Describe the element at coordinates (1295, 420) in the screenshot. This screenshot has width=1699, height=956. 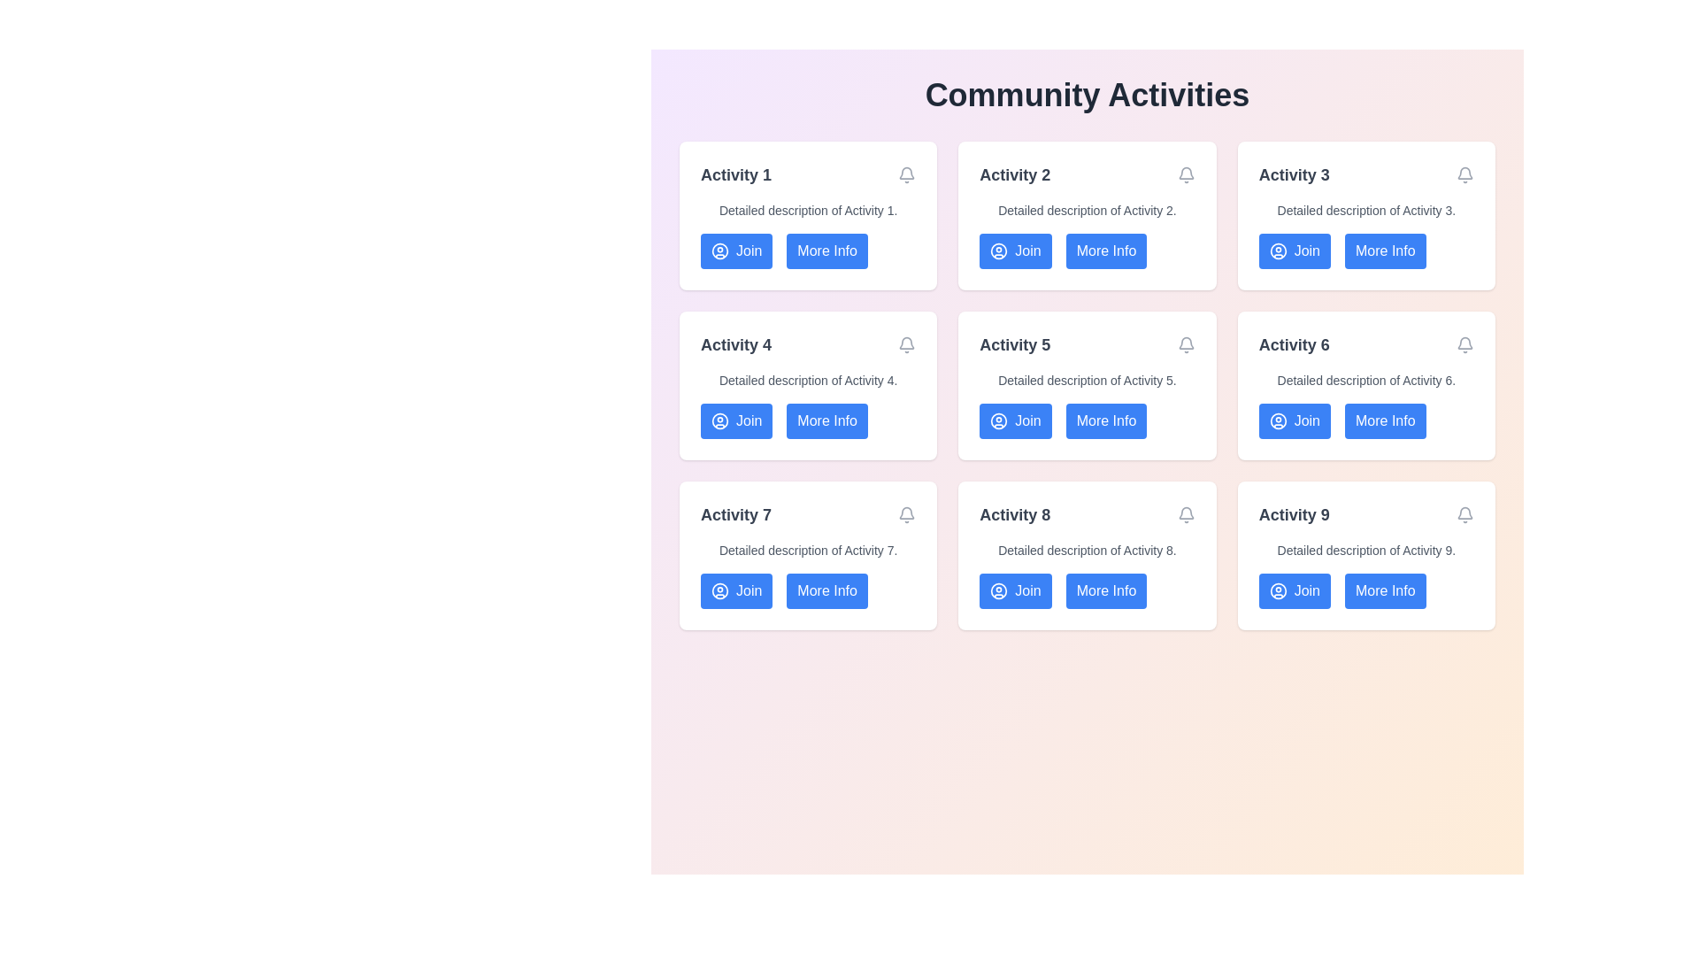
I see `the 'Join Activity 6' button` at that location.